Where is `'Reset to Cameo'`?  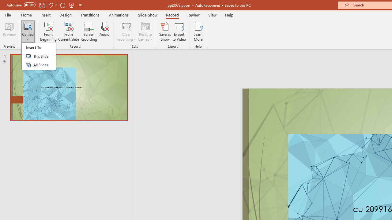
'Reset to Cameo' is located at coordinates (145, 31).